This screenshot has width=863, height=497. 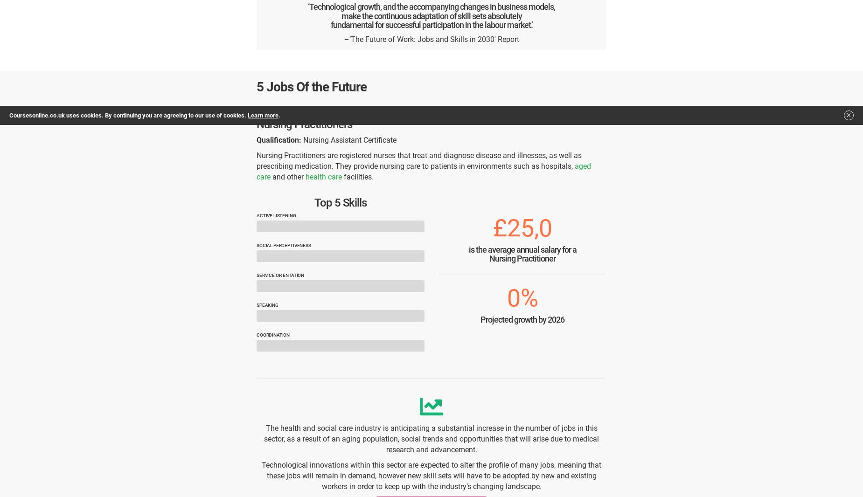 I want to click on 'Learn more', so click(x=263, y=114).